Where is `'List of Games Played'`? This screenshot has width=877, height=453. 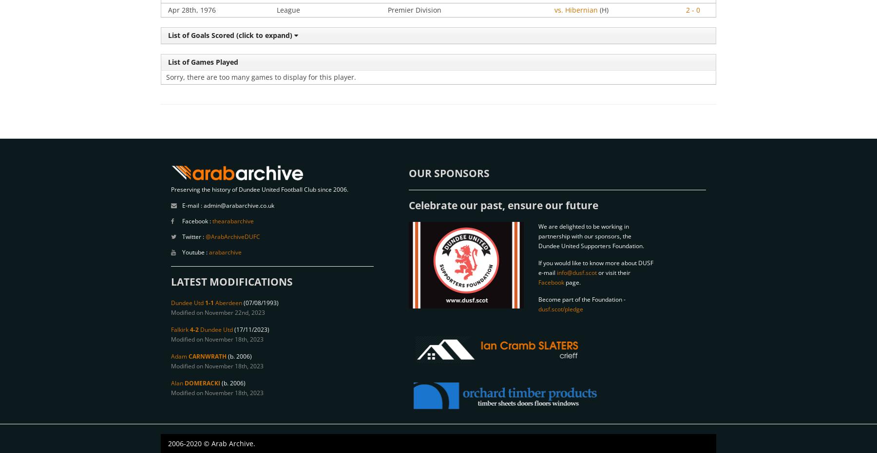
'List of Games Played' is located at coordinates (166, 61).